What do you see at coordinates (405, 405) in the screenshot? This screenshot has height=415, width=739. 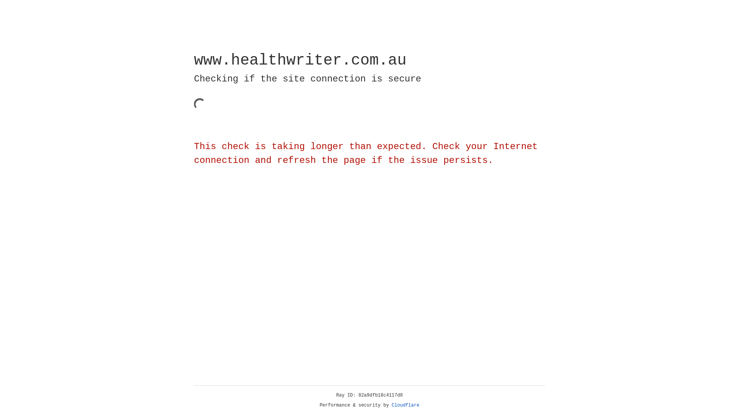 I see `'Cloudflare'` at bounding box center [405, 405].